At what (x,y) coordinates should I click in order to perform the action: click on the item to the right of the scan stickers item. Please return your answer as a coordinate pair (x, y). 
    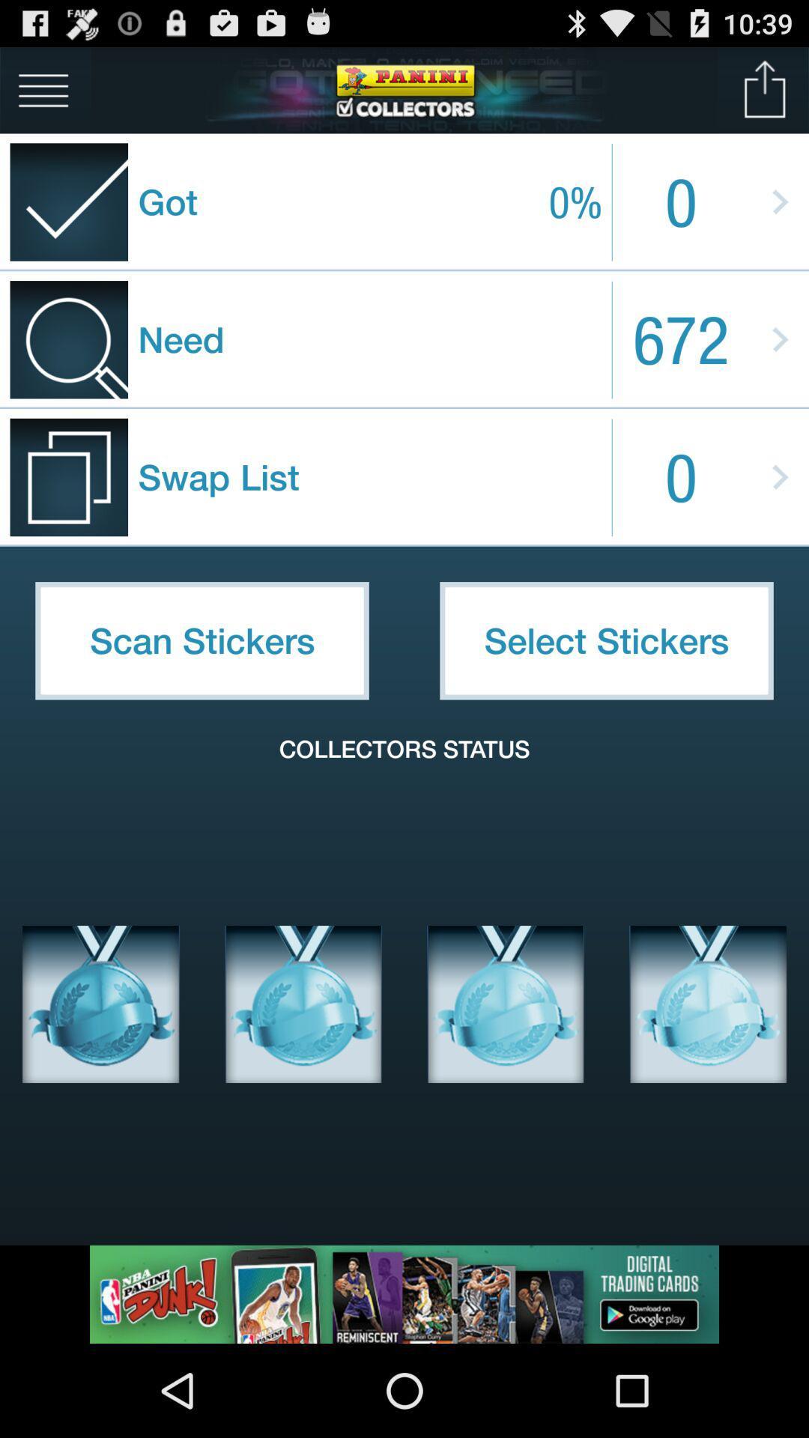
    Looking at the image, I should click on (607, 640).